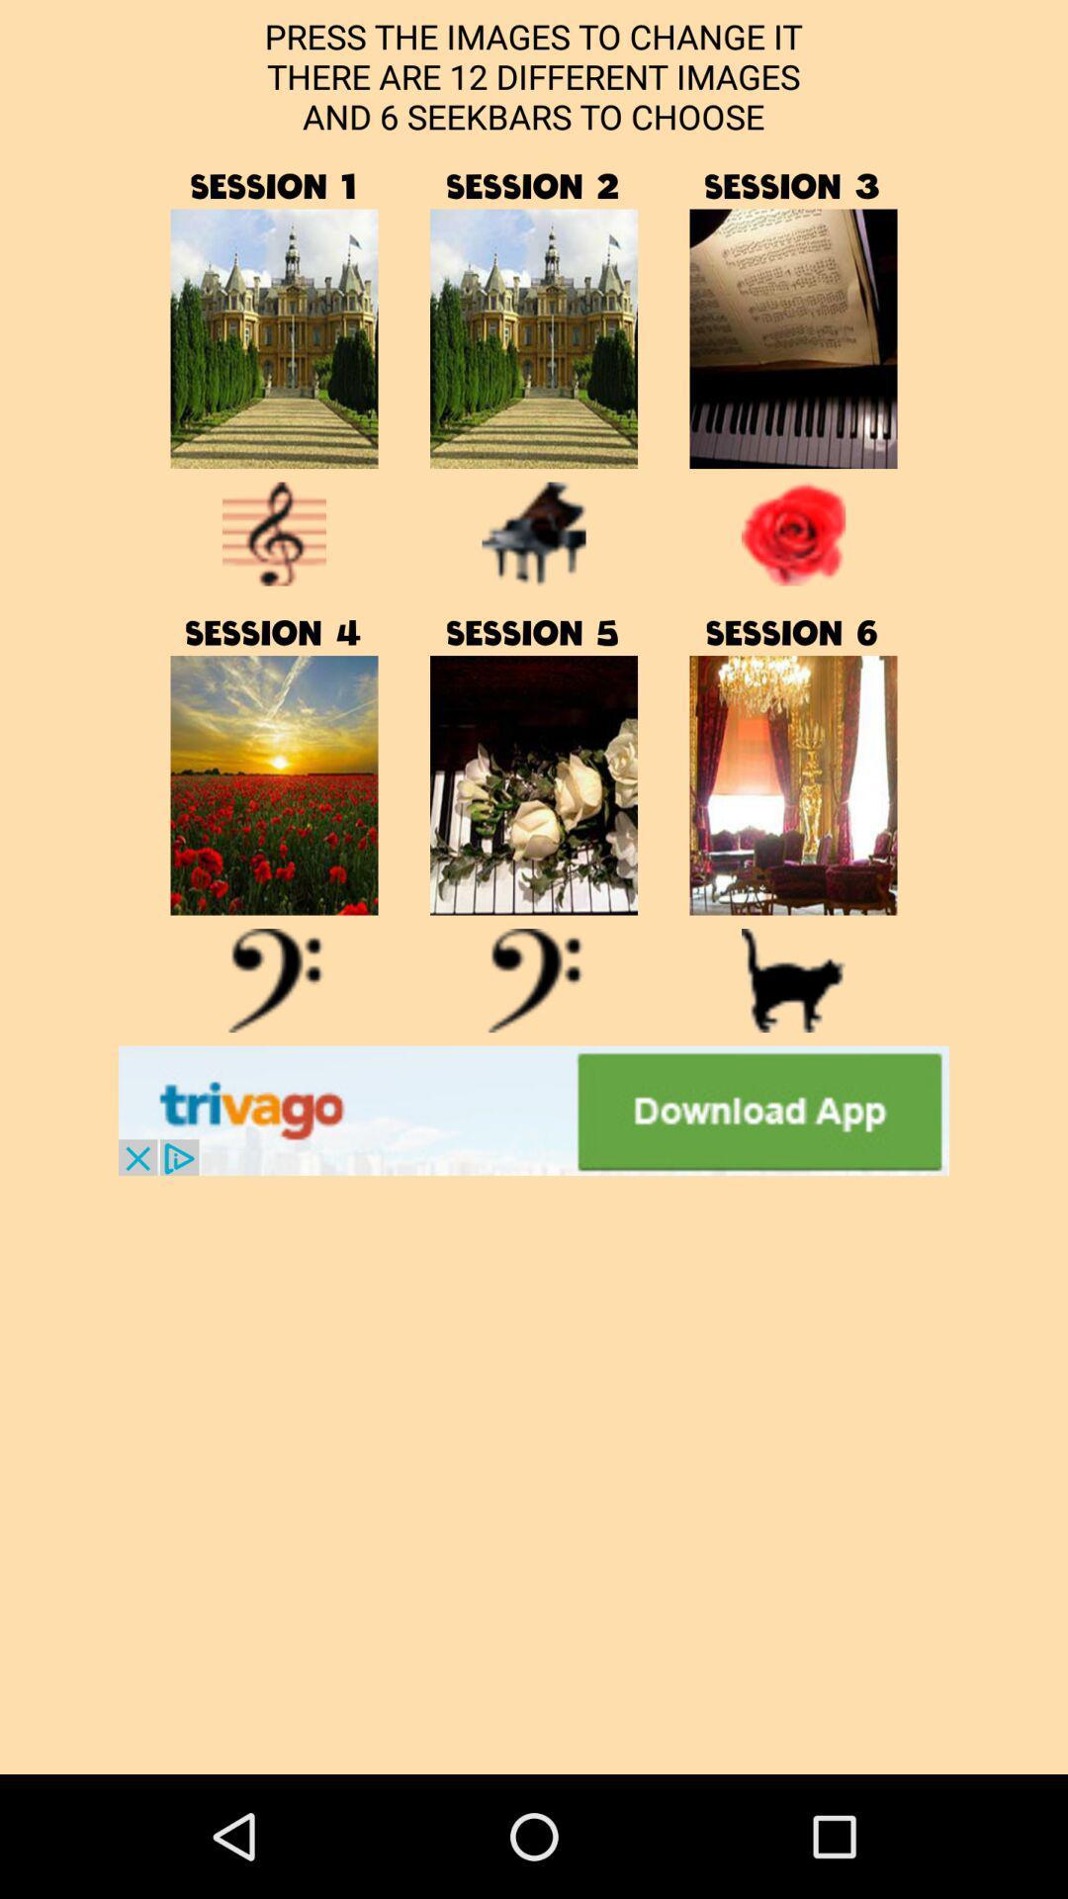  Describe the element at coordinates (274, 980) in the screenshot. I see `open` at that location.